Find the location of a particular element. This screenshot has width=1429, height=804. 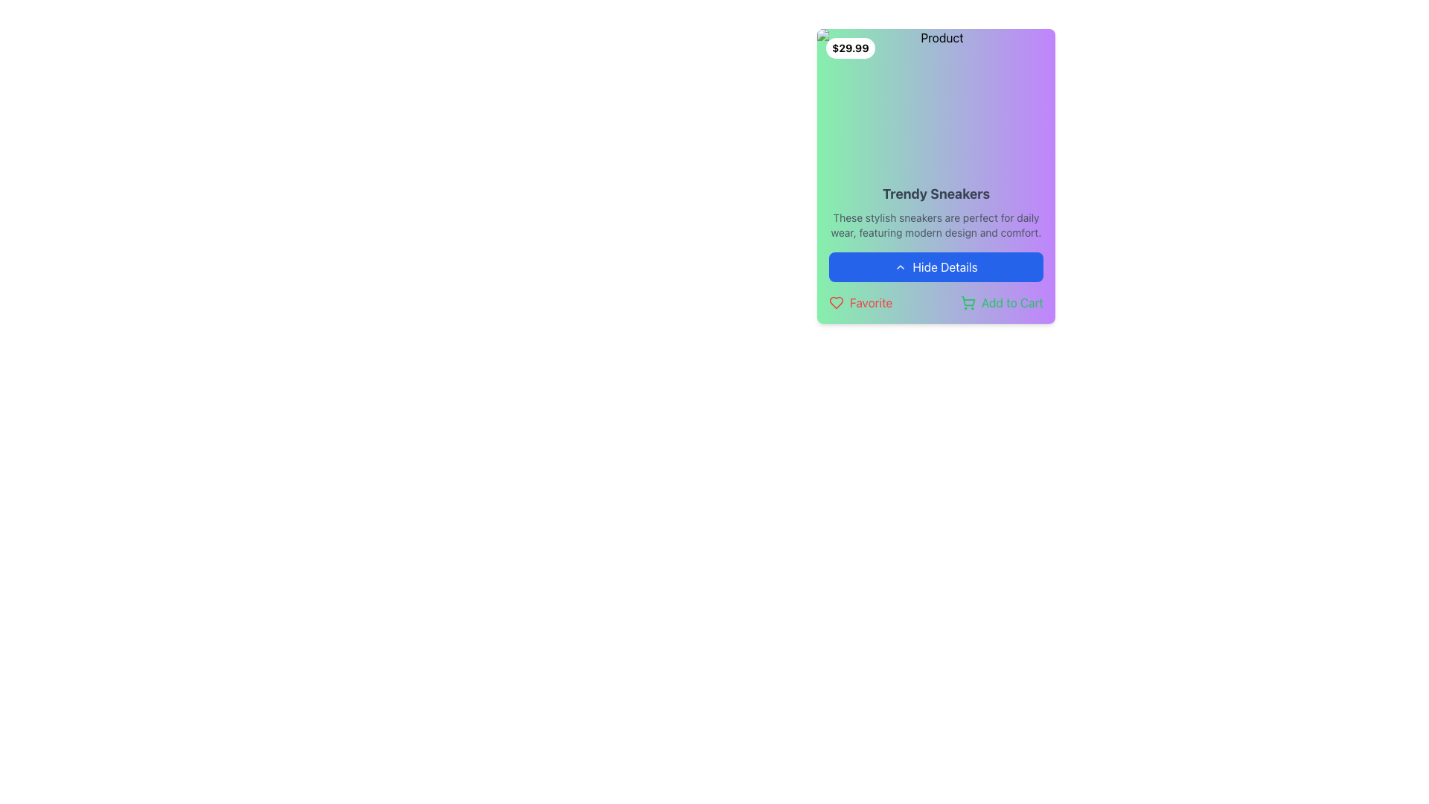

the text block that provides a detailed description of the product 'Trendy Sneakers', located beneath the title within the product card layout is located at coordinates (935, 226).